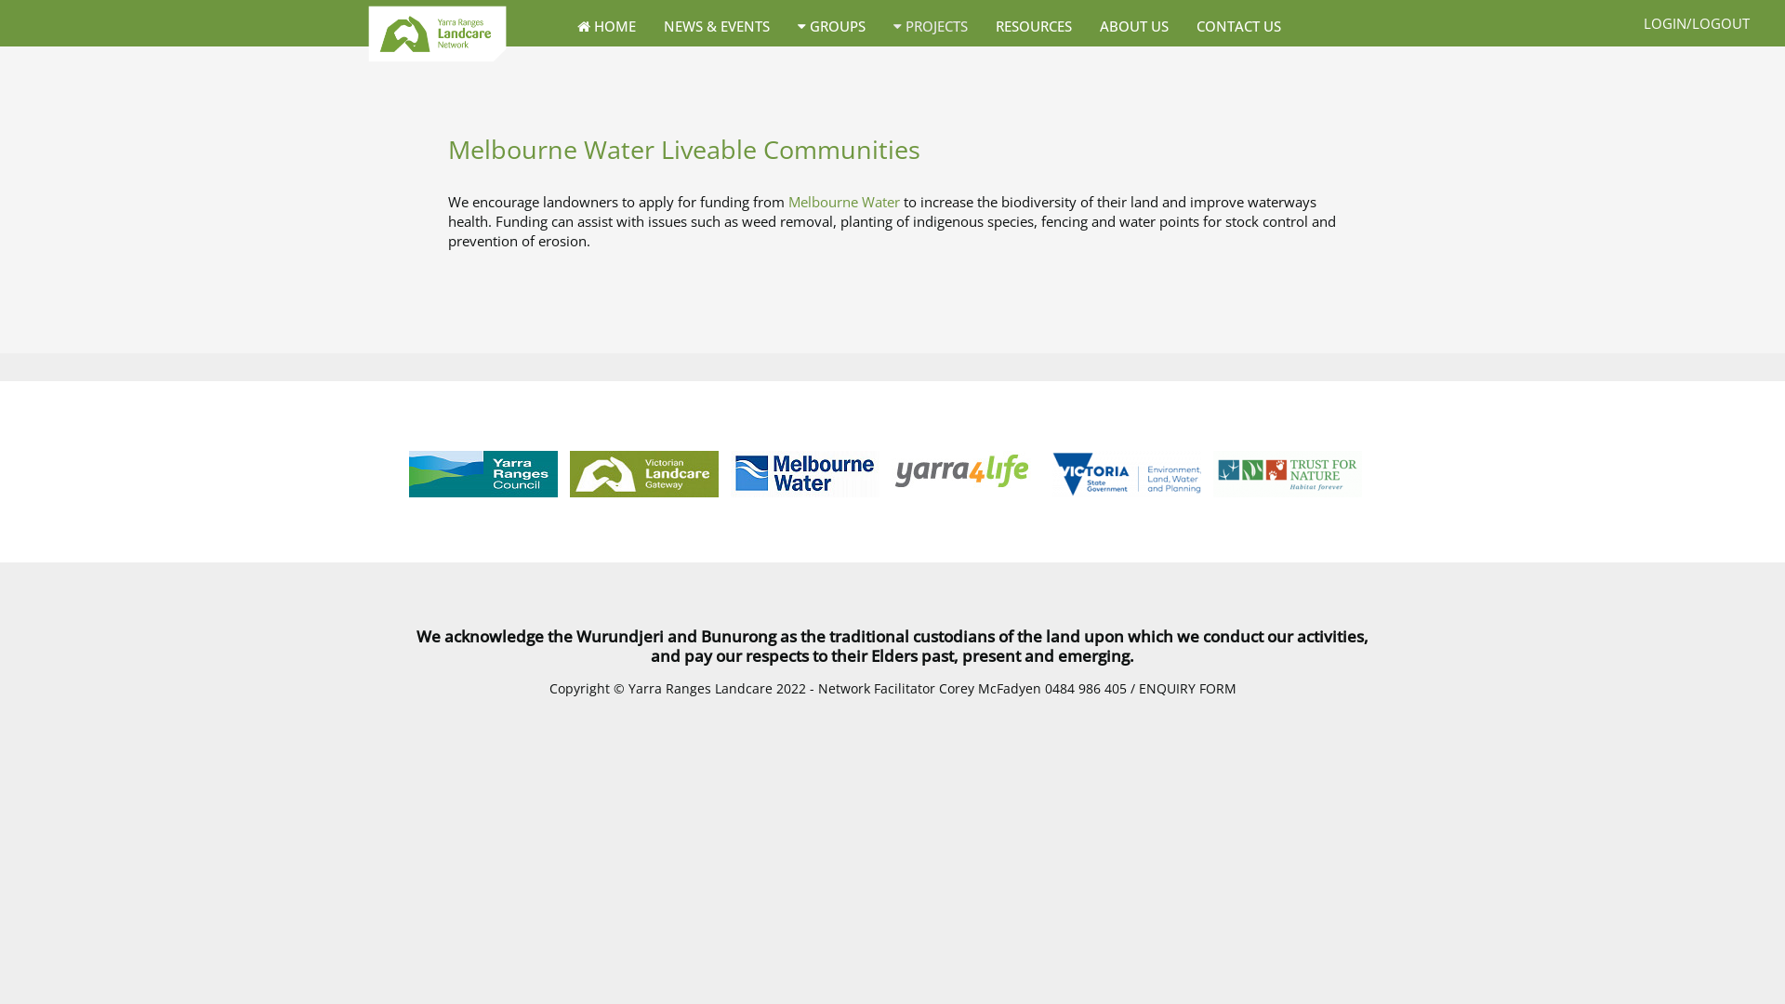 Image resolution: width=1785 pixels, height=1004 pixels. What do you see at coordinates (1137, 688) in the screenshot?
I see `'ENQUIRY FORM'` at bounding box center [1137, 688].